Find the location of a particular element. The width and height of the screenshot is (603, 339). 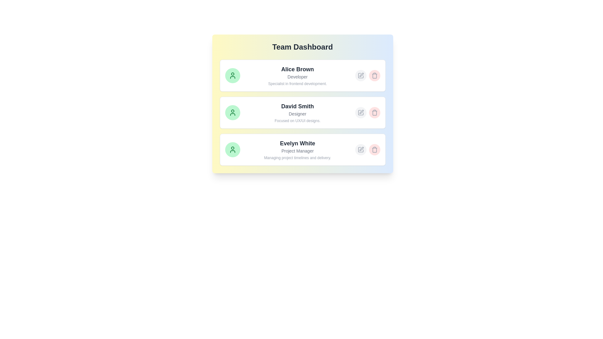

the text component displaying 'Focused on UX/UI designs.' styled in a small gray font, which is positioned below the 'Designer' label in the card about 'David Smith.' is located at coordinates (297, 121).